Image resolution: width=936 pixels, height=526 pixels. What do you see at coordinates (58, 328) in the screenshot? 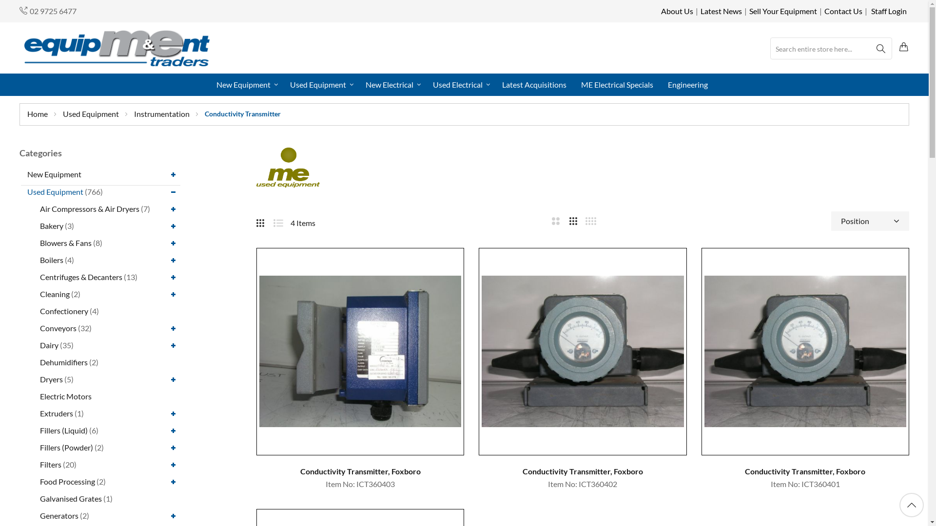
I see `'Conveyors'` at bounding box center [58, 328].